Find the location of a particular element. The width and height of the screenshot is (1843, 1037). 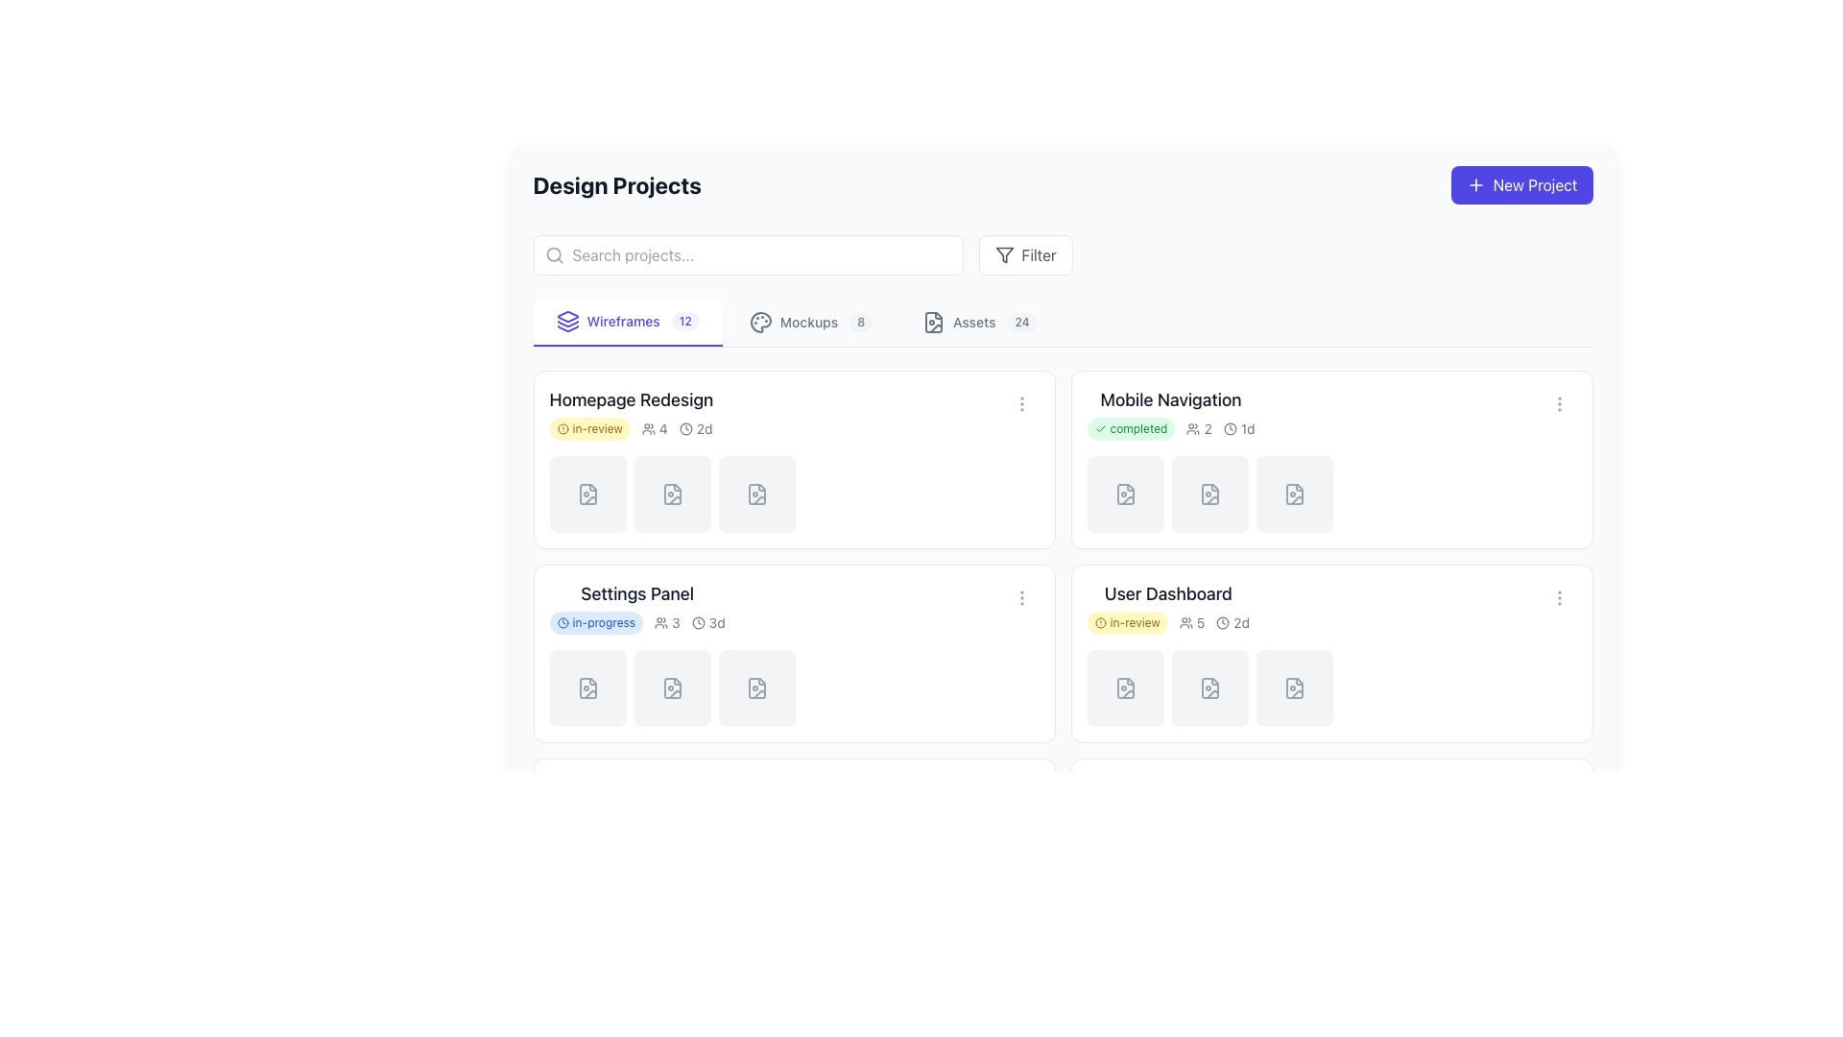

on the 'Tab Navigation' element, which is a horizontal bar at the top of the interface containing sections labeled 'Wireframes', 'Mockups', and 'Assets' is located at coordinates (1062, 322).